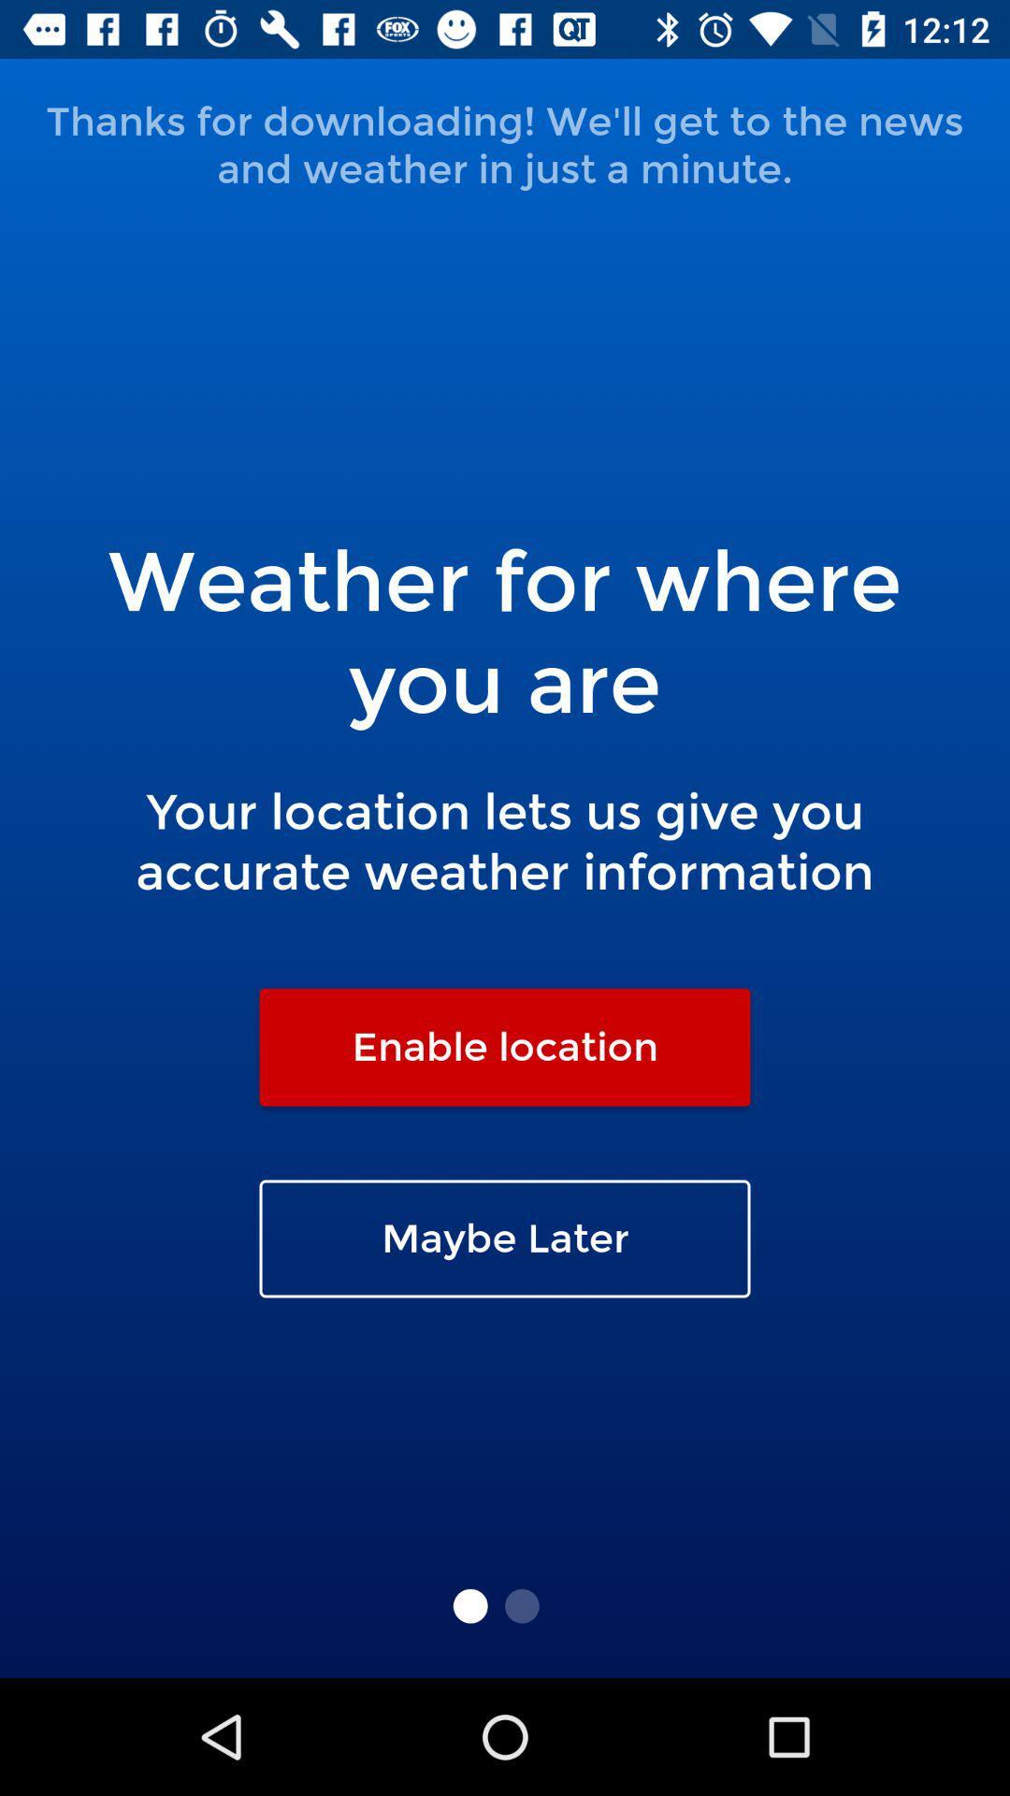 The width and height of the screenshot is (1010, 1796). Describe the element at coordinates (505, 1046) in the screenshot. I see `icon above the maybe later icon` at that location.